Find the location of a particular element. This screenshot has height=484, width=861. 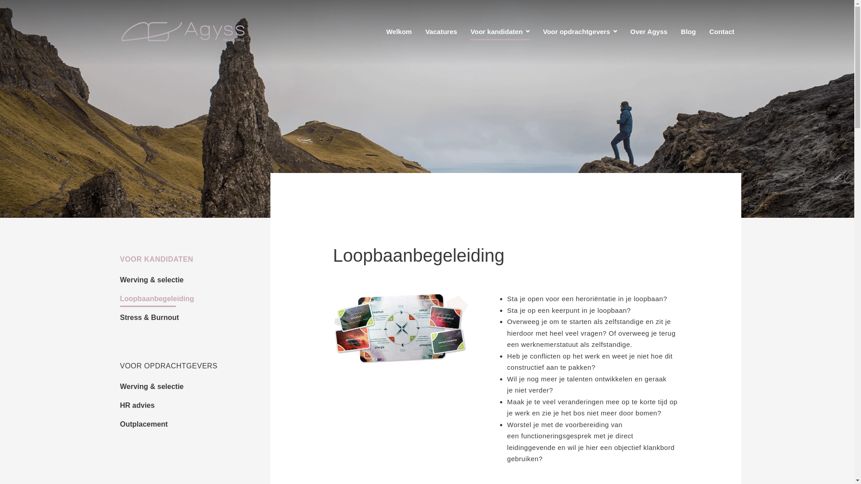

'Outplacement' is located at coordinates (144, 425).